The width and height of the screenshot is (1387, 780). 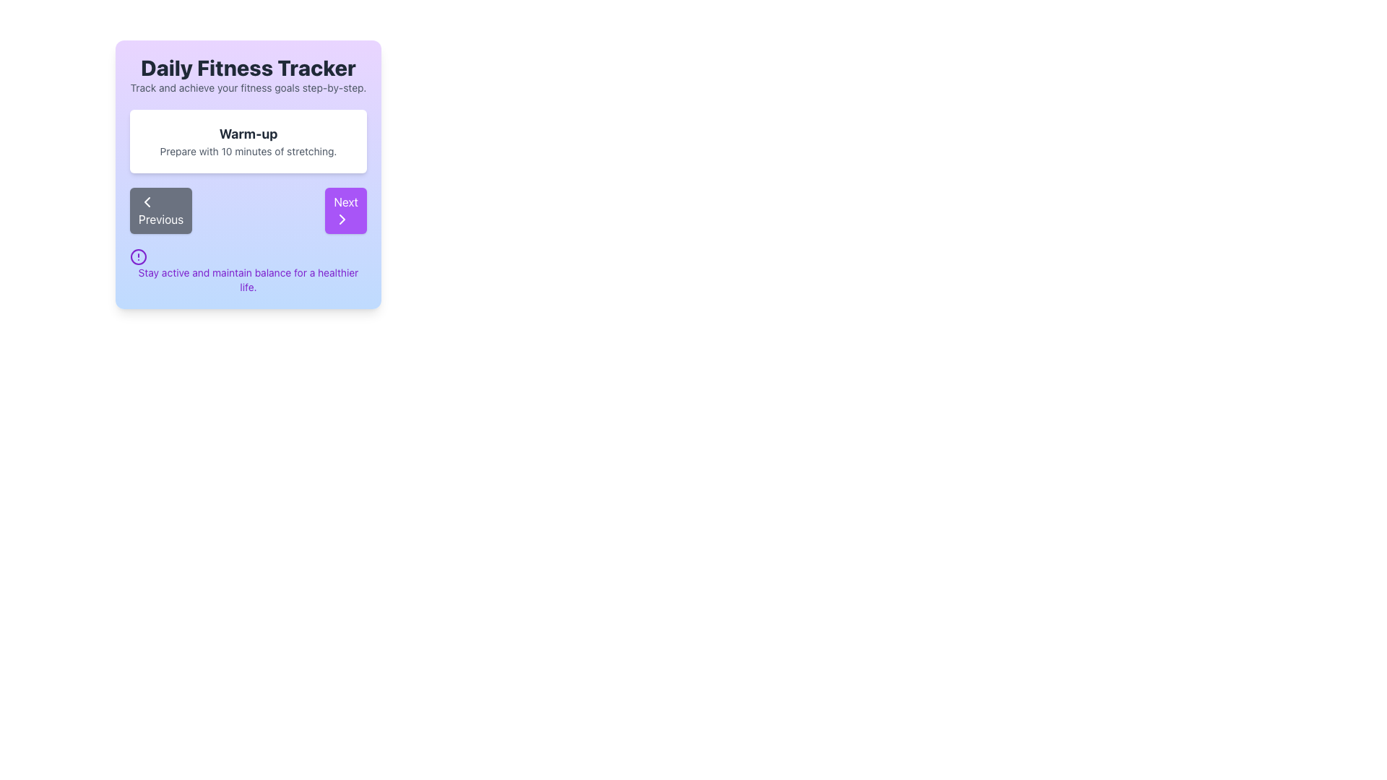 I want to click on the right-pointing chevron icon inside the 'Next' button, which has a purple background and is labeled in white text, so click(x=342, y=220).